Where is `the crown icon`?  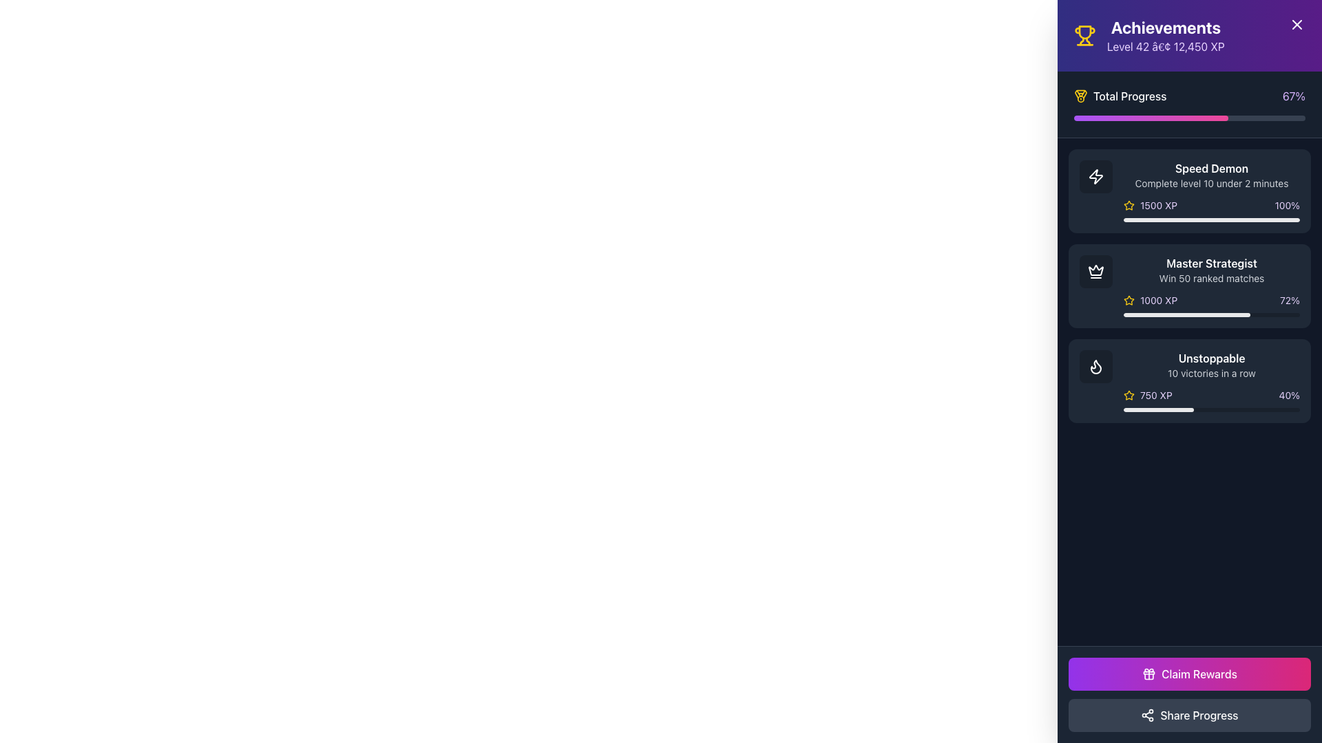 the crown icon is located at coordinates (1095, 271).